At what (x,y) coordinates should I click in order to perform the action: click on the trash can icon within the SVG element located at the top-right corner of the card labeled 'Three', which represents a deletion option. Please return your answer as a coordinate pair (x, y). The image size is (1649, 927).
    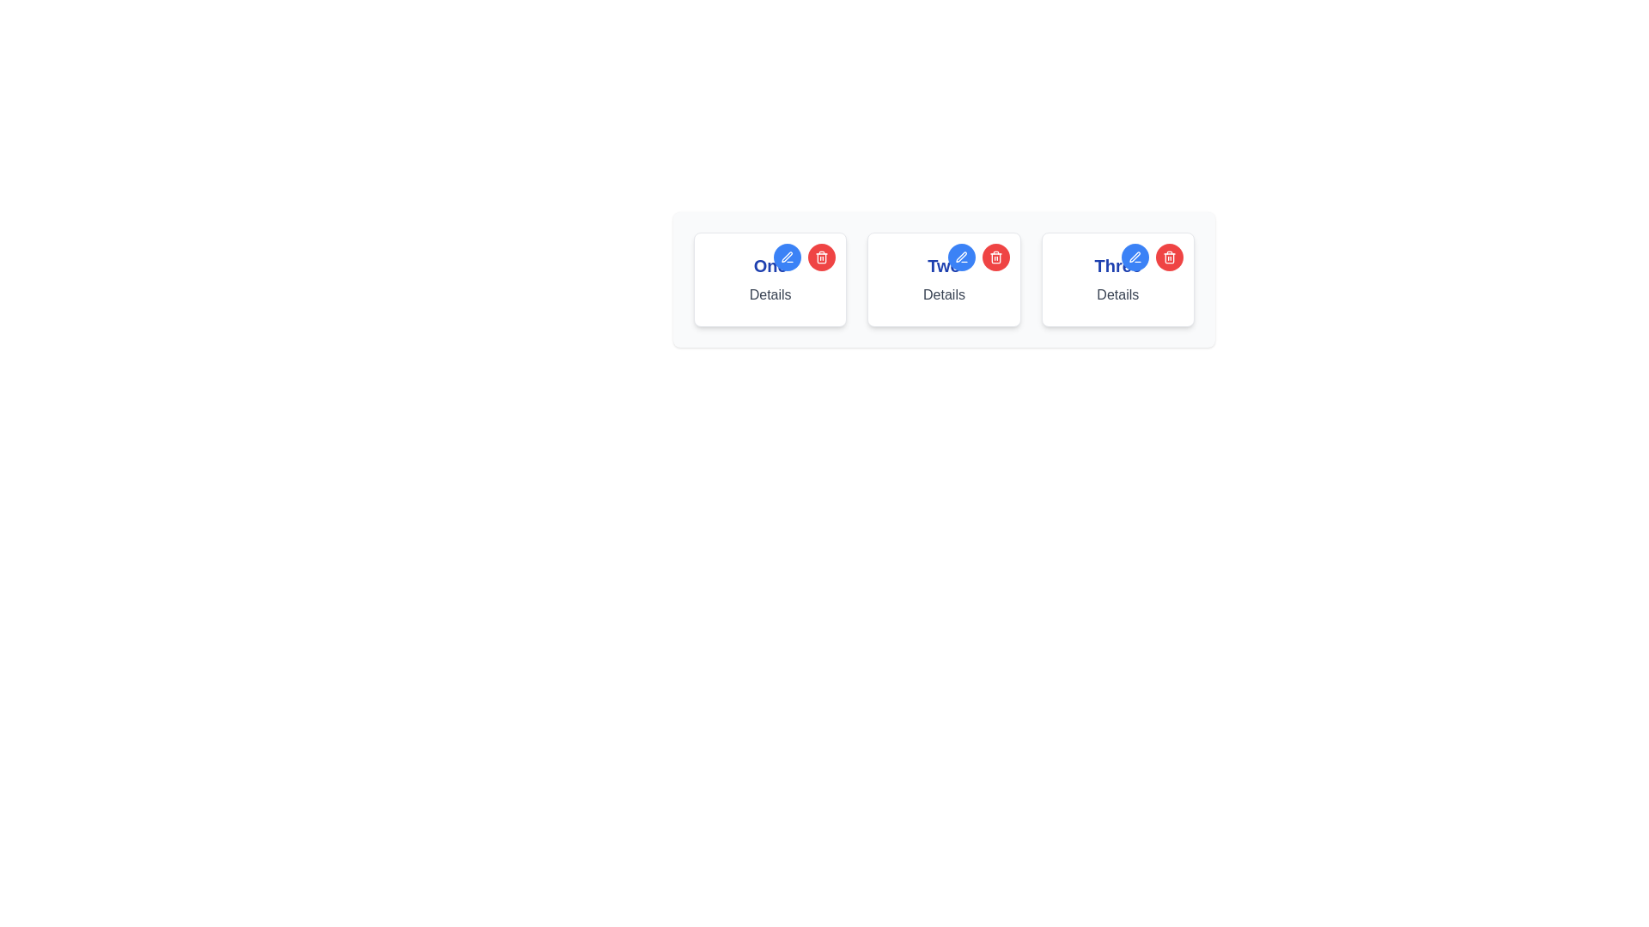
    Looking at the image, I should click on (1169, 258).